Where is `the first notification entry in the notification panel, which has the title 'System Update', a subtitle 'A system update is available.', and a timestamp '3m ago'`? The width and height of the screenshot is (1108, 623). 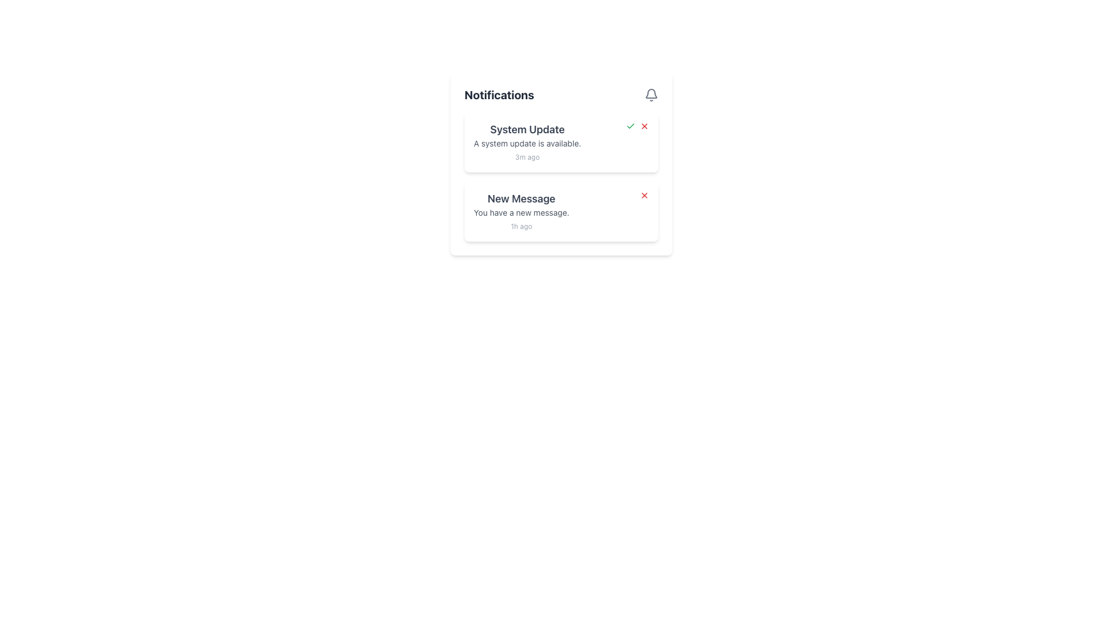
the first notification entry in the notification panel, which has the title 'System Update', a subtitle 'A system update is available.', and a timestamp '3m ago' is located at coordinates (527, 141).